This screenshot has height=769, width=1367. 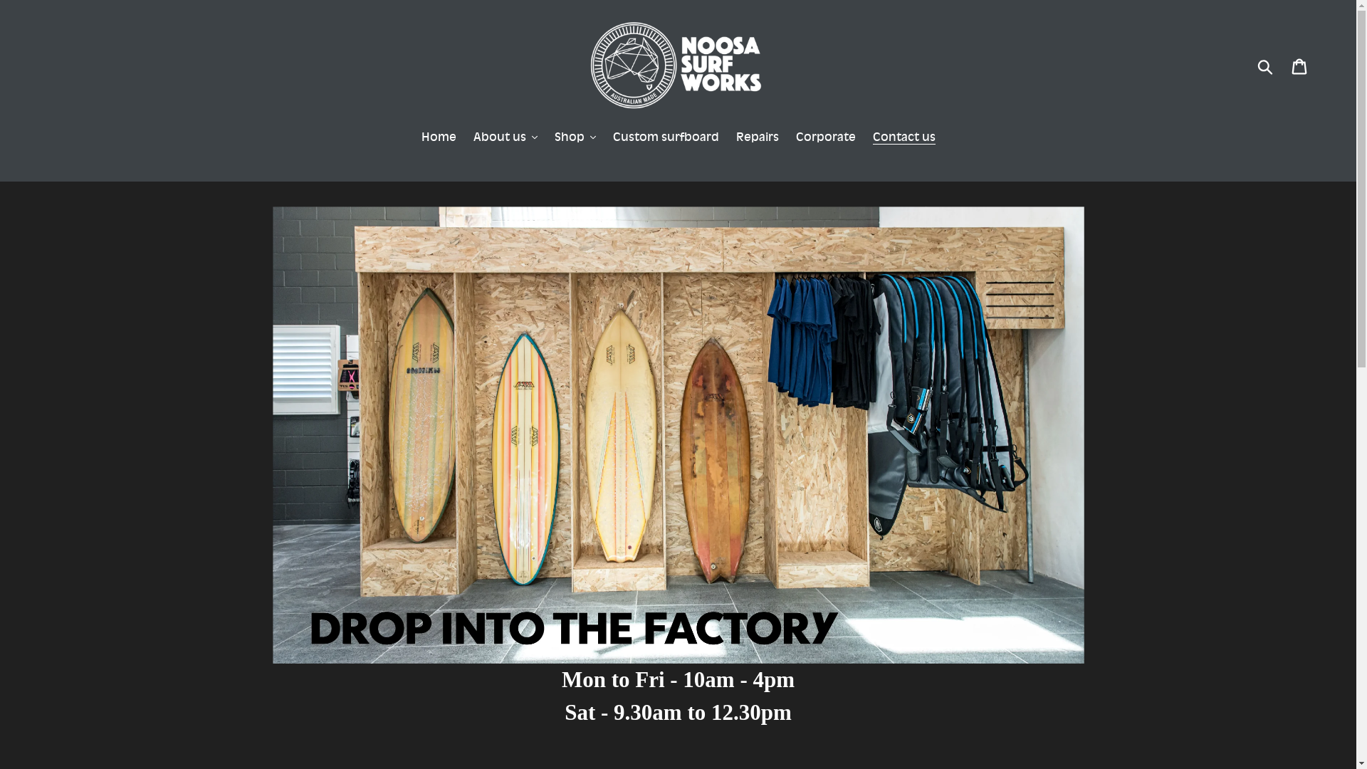 What do you see at coordinates (438, 137) in the screenshot?
I see `'Home'` at bounding box center [438, 137].